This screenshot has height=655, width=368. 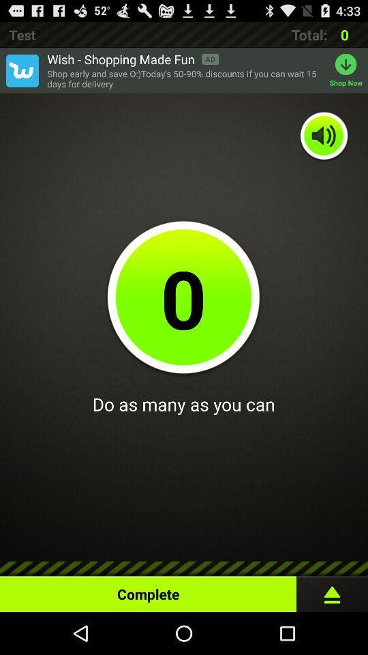 What do you see at coordinates (133, 59) in the screenshot?
I see `wish shopping made item` at bounding box center [133, 59].